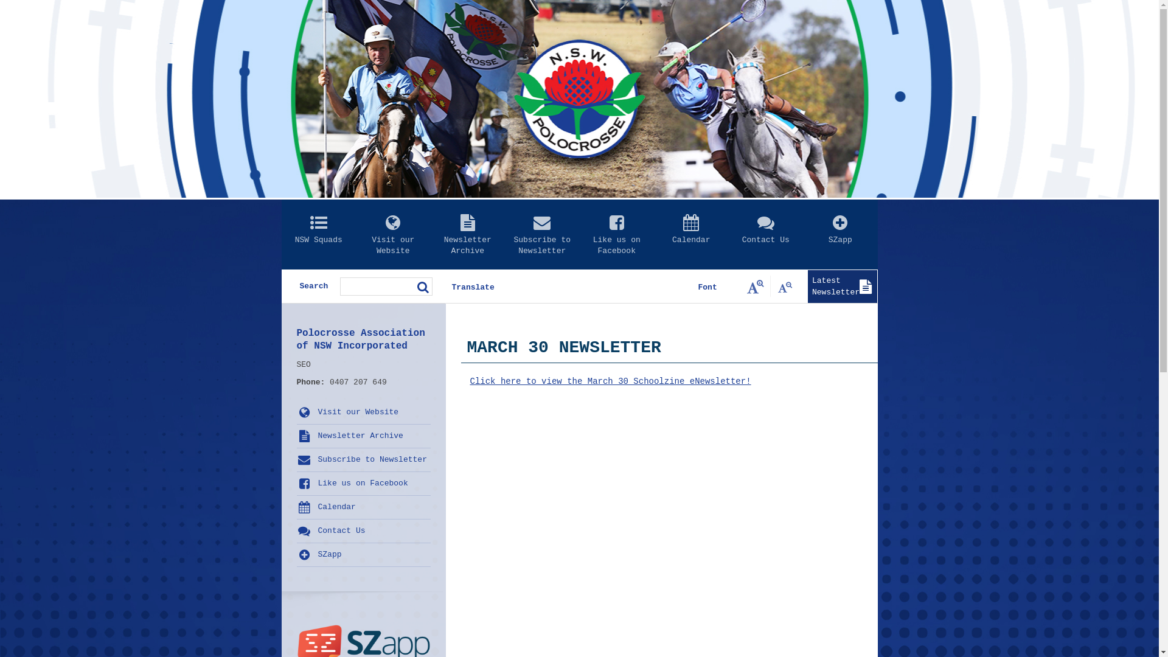  What do you see at coordinates (541, 243) in the screenshot?
I see `'Subscribe to Newsletter'` at bounding box center [541, 243].